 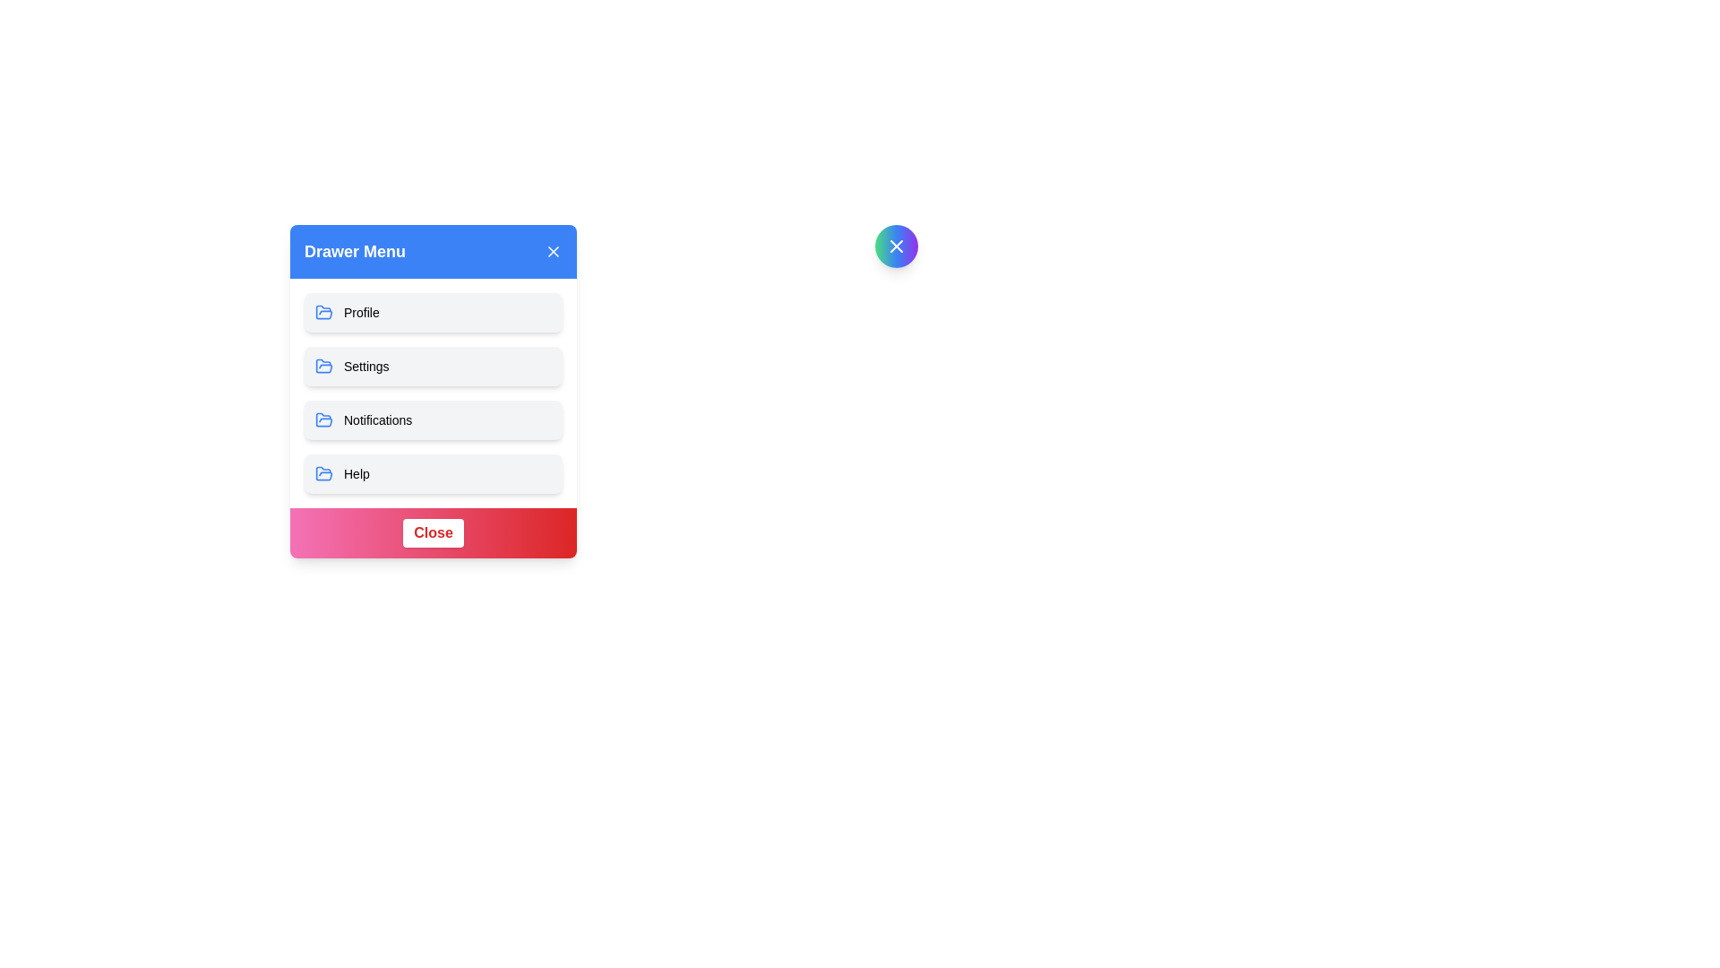 What do you see at coordinates (323, 365) in the screenshot?
I see `the first SVG icon representing a folder in the drawer menu, located next to the 'Profile' text` at bounding box center [323, 365].